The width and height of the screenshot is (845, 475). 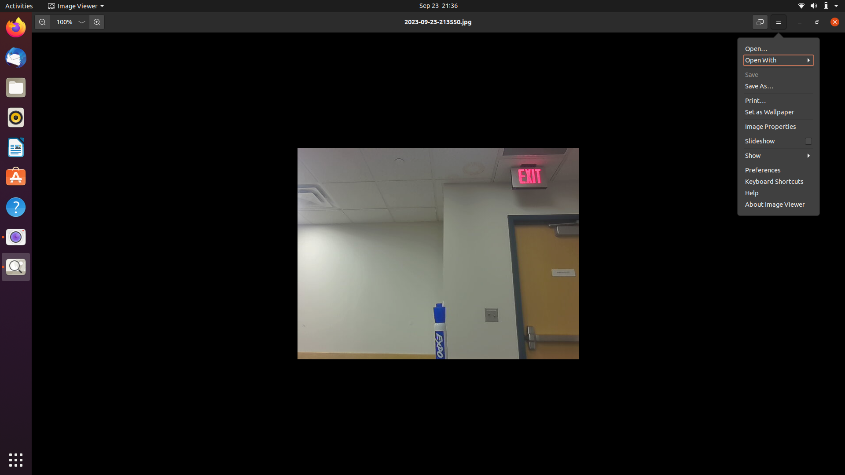 I want to click on Shut down the menu, so click(x=779, y=22).